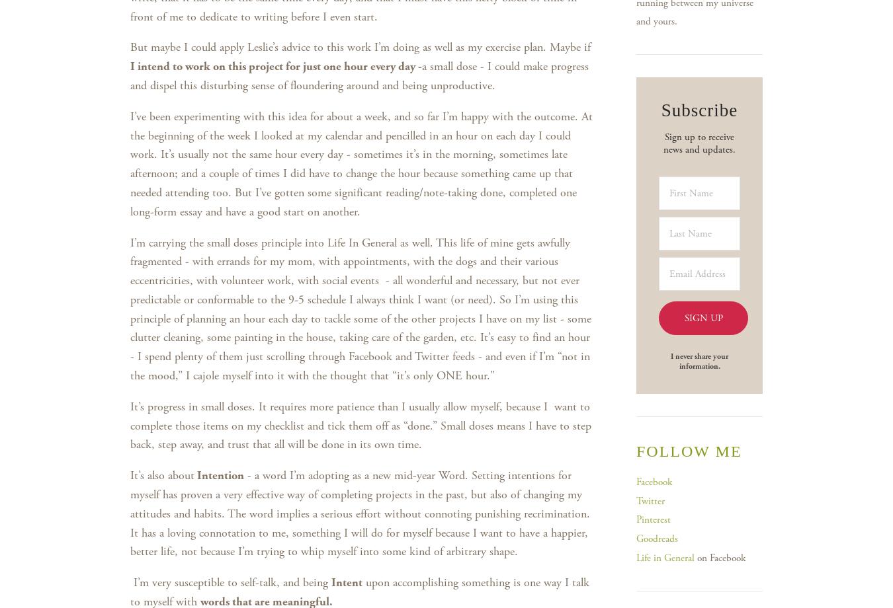 This screenshot has width=893, height=608. I want to click on 'It’s progress in small doses. It requires more patience than I usually allow myself, because I  want to complete those items on my checklist and tick them off as “done.” Small doses means I have to step back, step away, and trust that all will be done in its own time.', so click(360, 424).